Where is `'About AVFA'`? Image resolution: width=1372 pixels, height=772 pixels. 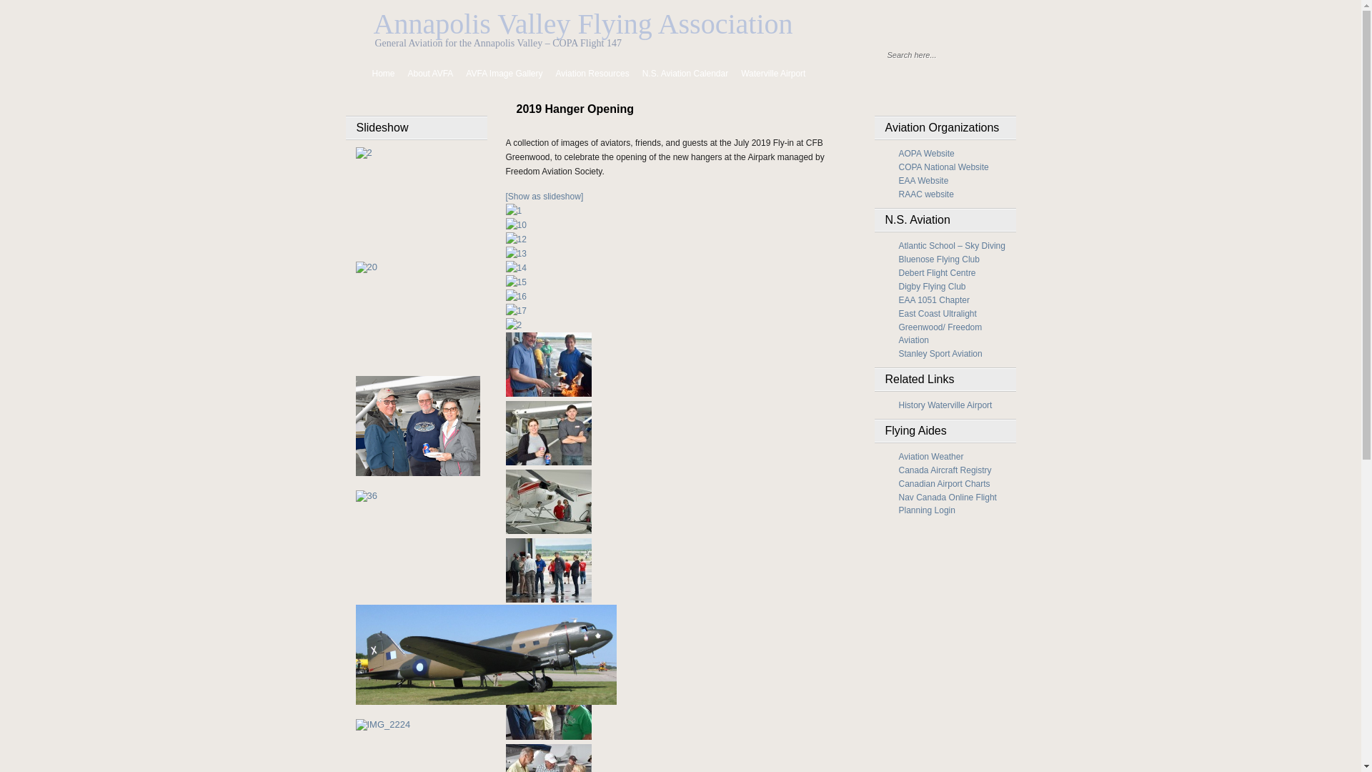 'About AVFA' is located at coordinates (430, 74).